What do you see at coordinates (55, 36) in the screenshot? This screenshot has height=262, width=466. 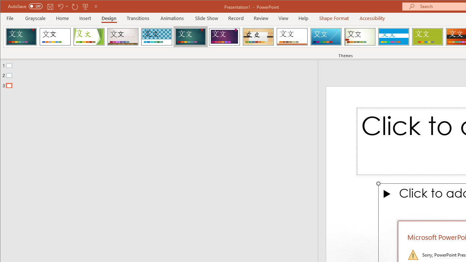 I see `'Office Theme'` at bounding box center [55, 36].